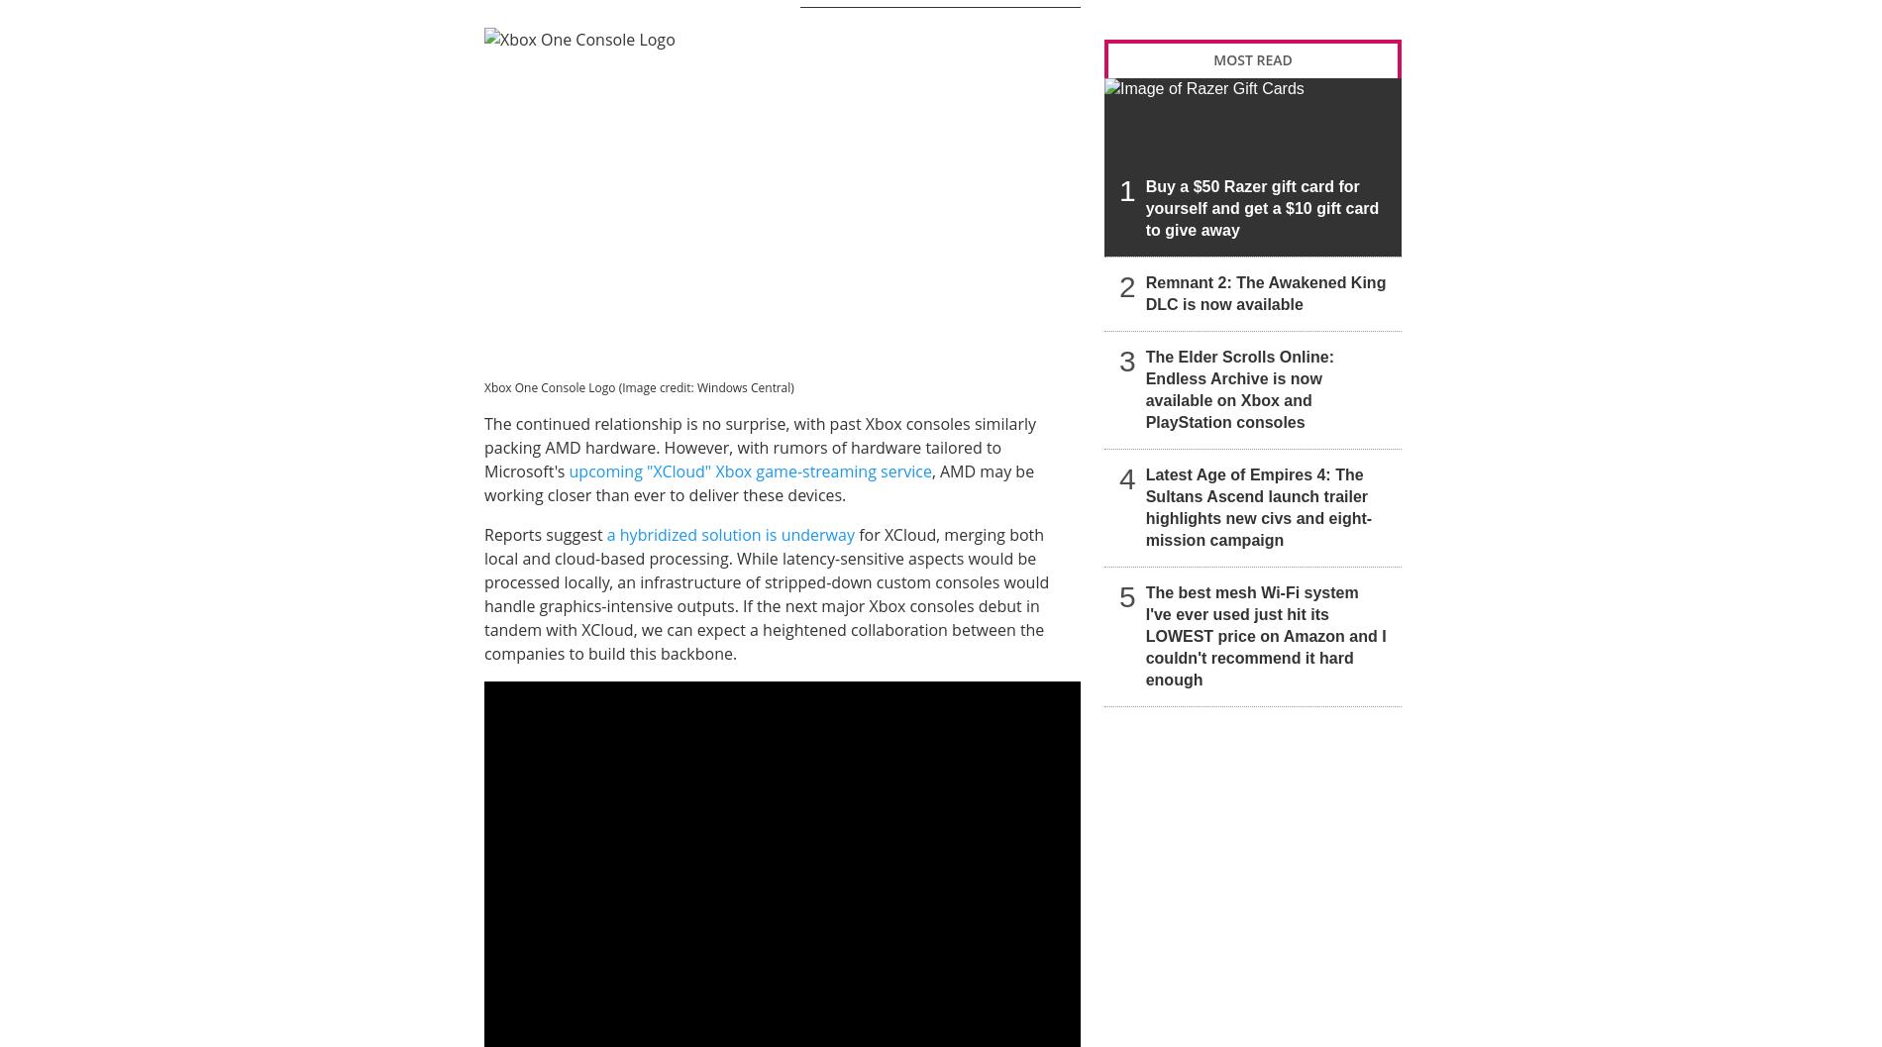 Image resolution: width=1882 pixels, height=1047 pixels. Describe the element at coordinates (729, 534) in the screenshot. I see `'a hybridized solution is underway'` at that location.